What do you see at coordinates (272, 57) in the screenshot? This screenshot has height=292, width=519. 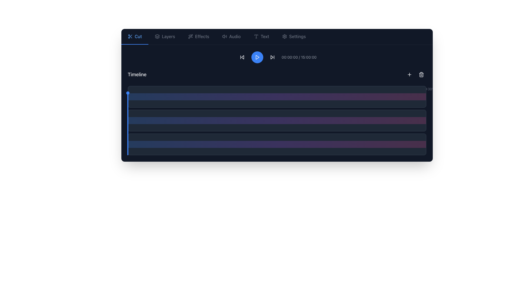 I see `the circular 'skip forward' button with a dark background and a light-colored triangle icon, located at the center of the interface's top bar, to the immediate right of the blue 'play' button` at bounding box center [272, 57].